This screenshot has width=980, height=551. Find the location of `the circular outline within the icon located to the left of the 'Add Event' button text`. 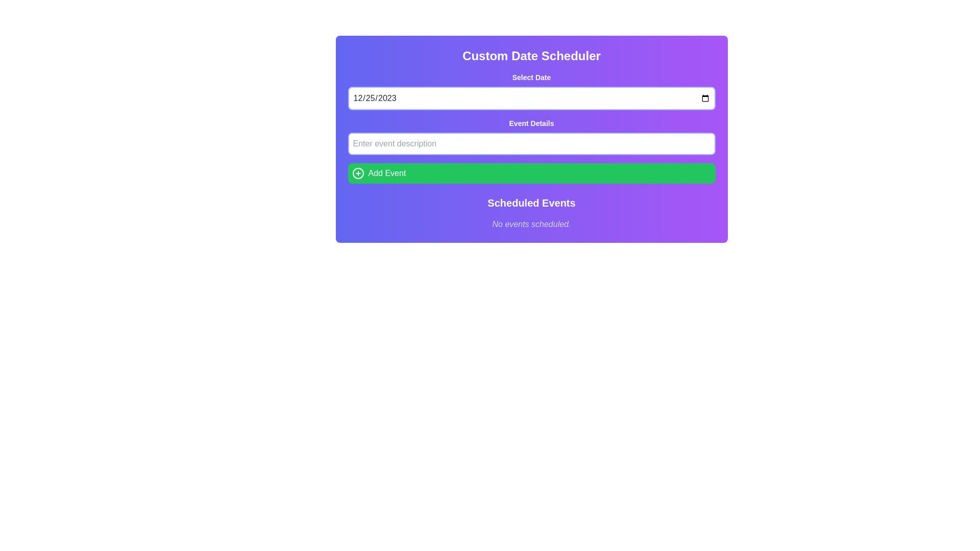

the circular outline within the icon located to the left of the 'Add Event' button text is located at coordinates (358, 172).